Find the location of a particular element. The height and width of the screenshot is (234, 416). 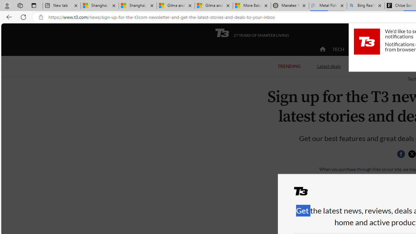

'New tab' is located at coordinates (62, 6).